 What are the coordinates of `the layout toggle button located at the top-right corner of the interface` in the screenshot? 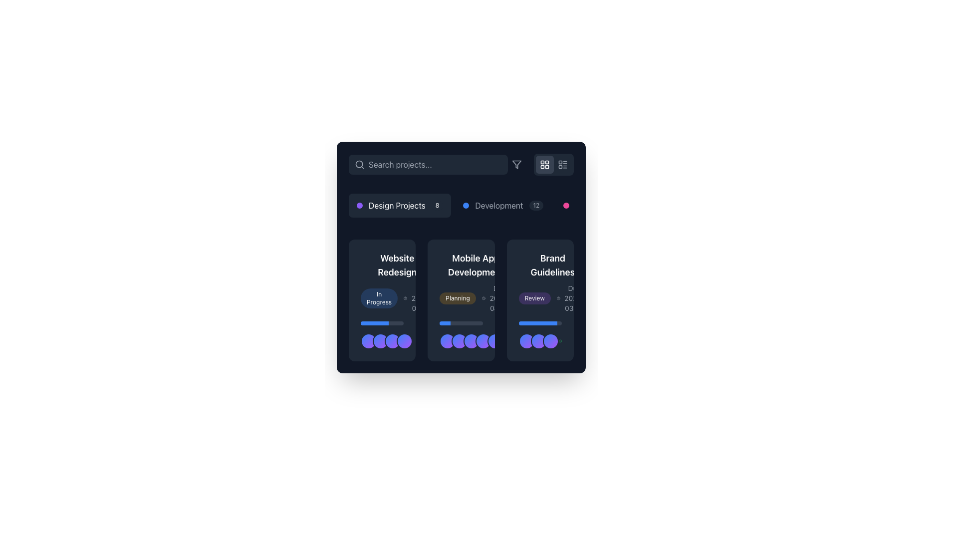 It's located at (544, 164).